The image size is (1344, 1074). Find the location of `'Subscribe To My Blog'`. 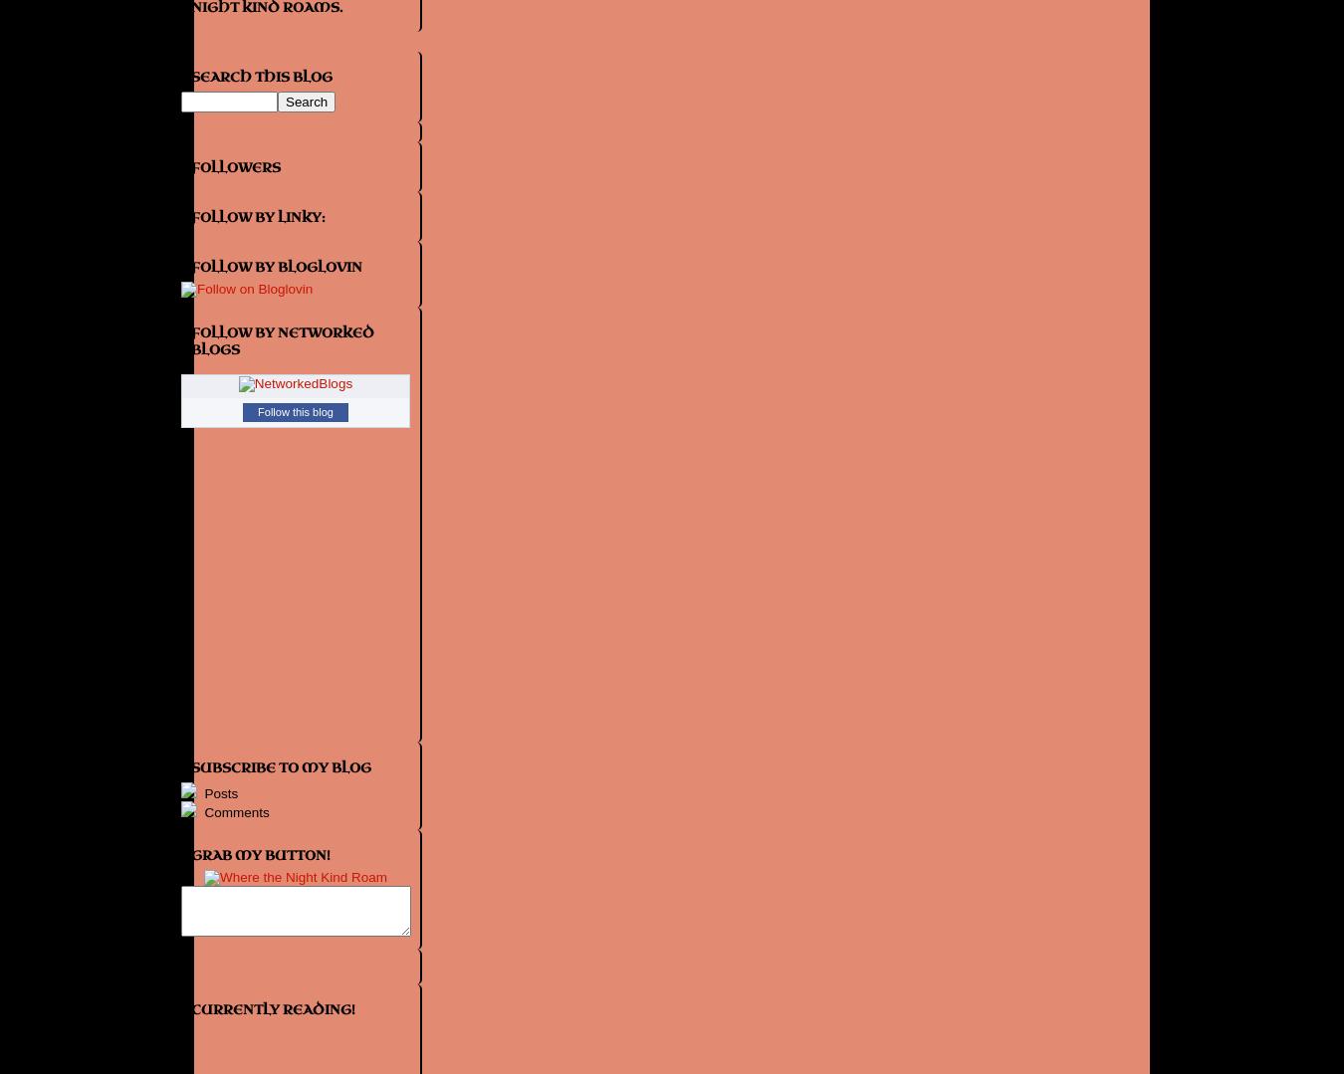

'Subscribe To My Blog' is located at coordinates (280, 766).